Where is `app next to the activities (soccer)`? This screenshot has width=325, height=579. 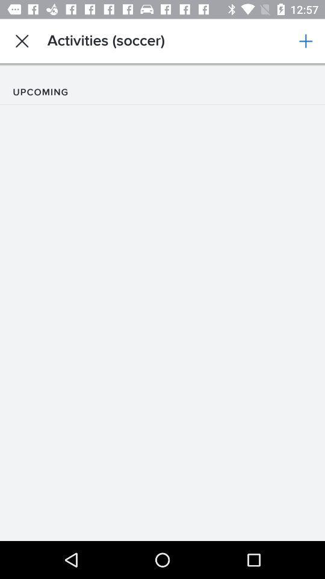 app next to the activities (soccer) is located at coordinates (306, 41).